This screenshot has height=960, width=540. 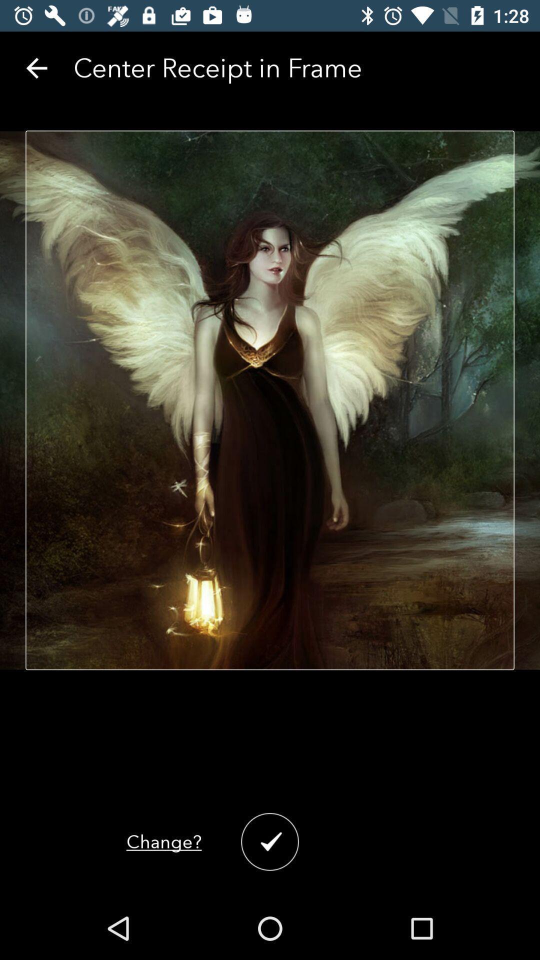 What do you see at coordinates (36, 67) in the screenshot?
I see `the icon to the left of the center receipt in item` at bounding box center [36, 67].